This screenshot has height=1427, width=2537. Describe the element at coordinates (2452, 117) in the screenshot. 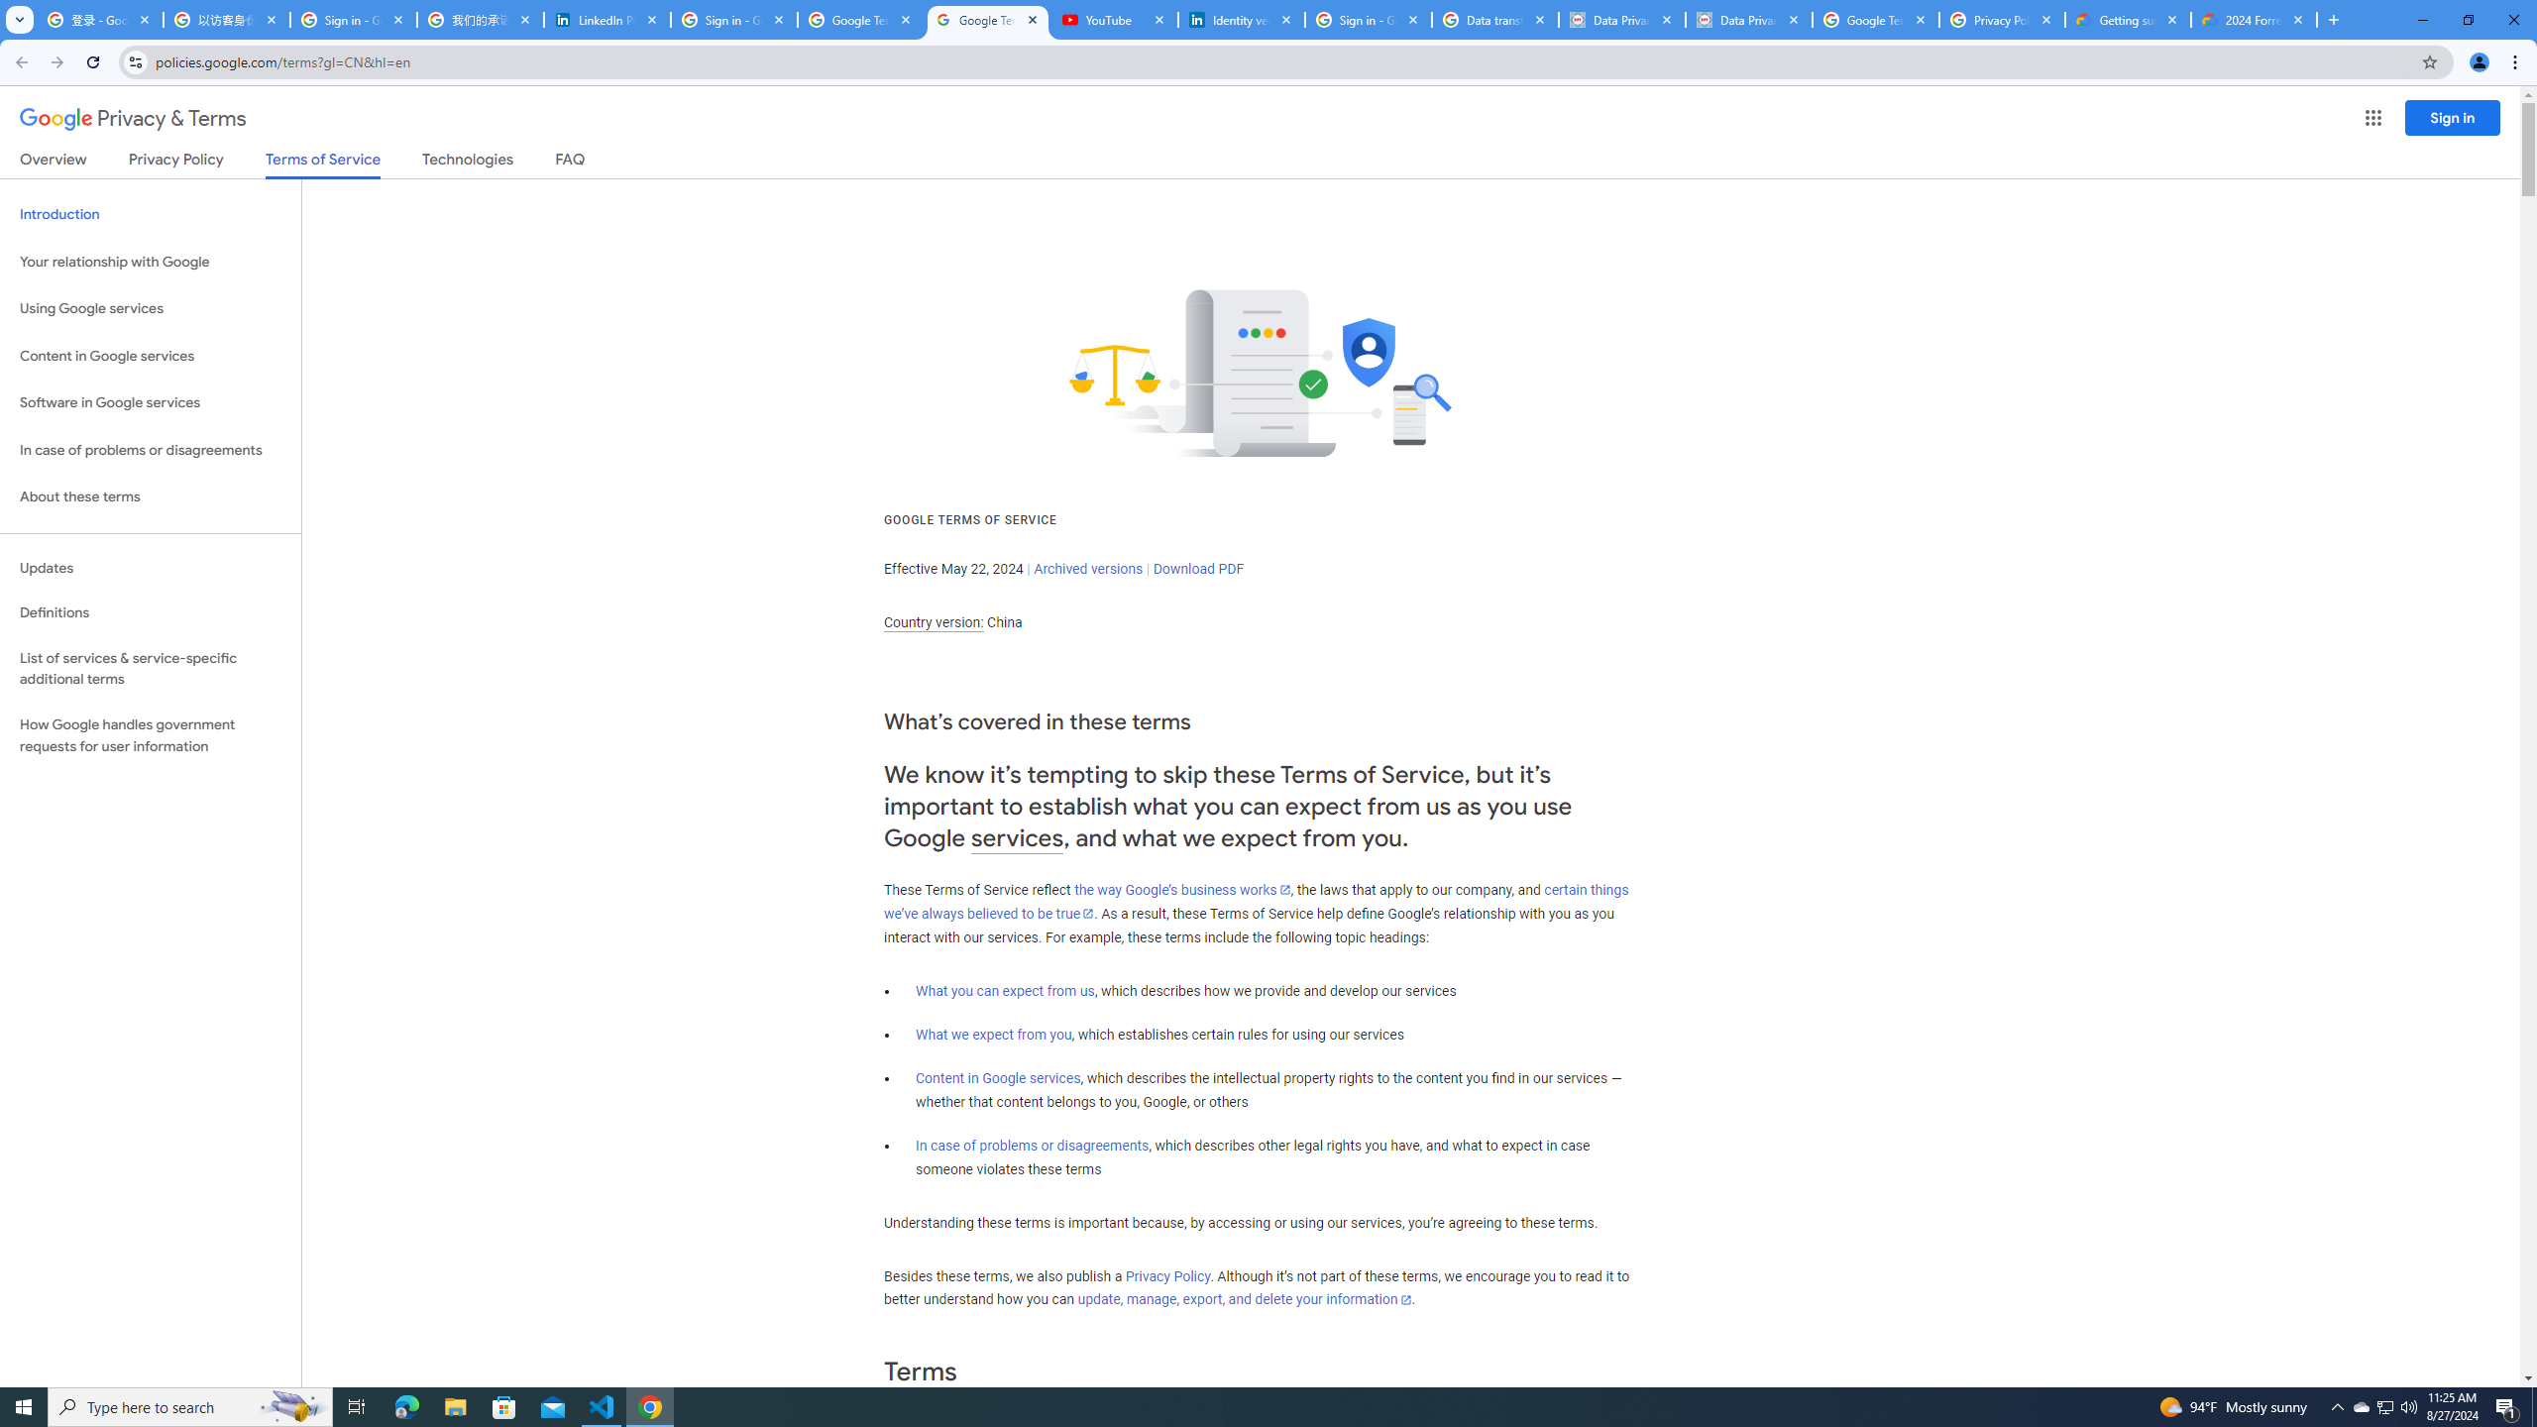

I see `'Sign in'` at that location.